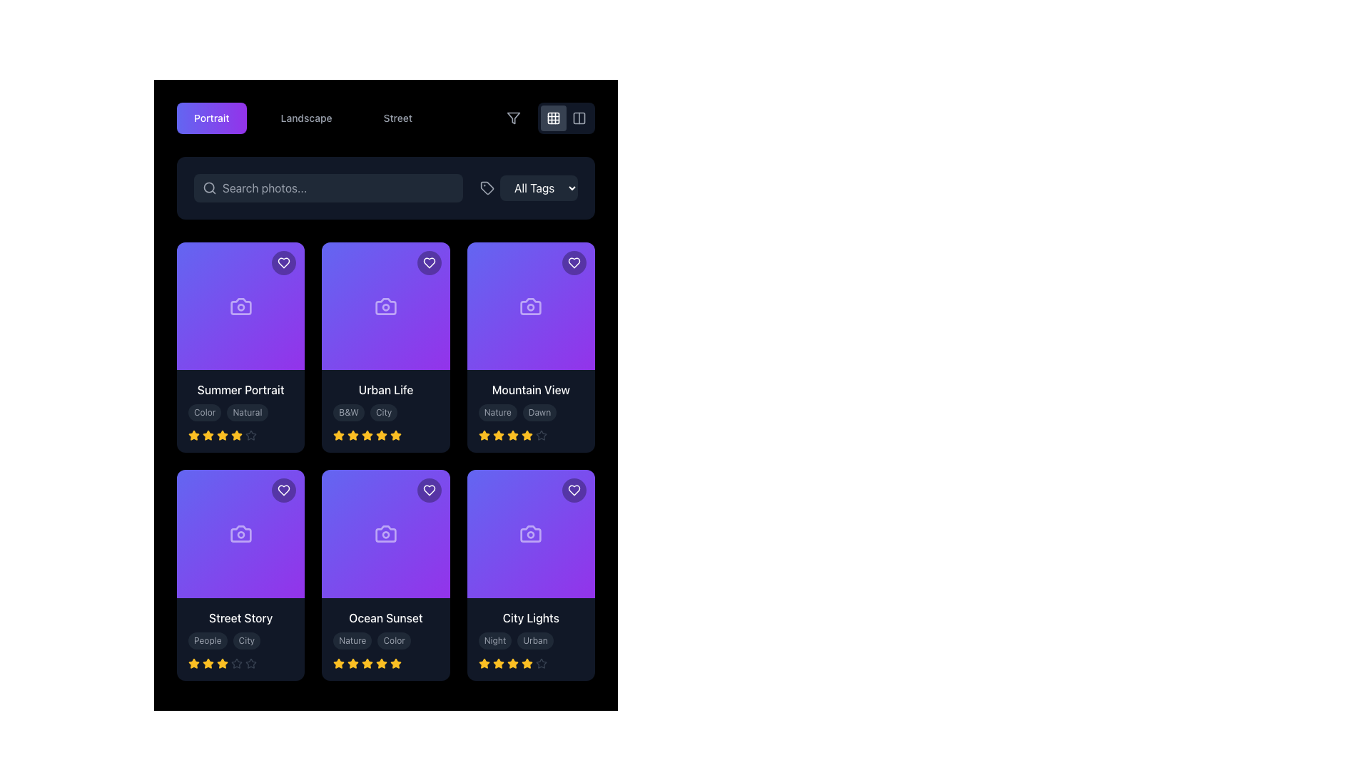  I want to click on the heart icon in the top-right corner of the first card to mark it as favorite, so click(284, 263).